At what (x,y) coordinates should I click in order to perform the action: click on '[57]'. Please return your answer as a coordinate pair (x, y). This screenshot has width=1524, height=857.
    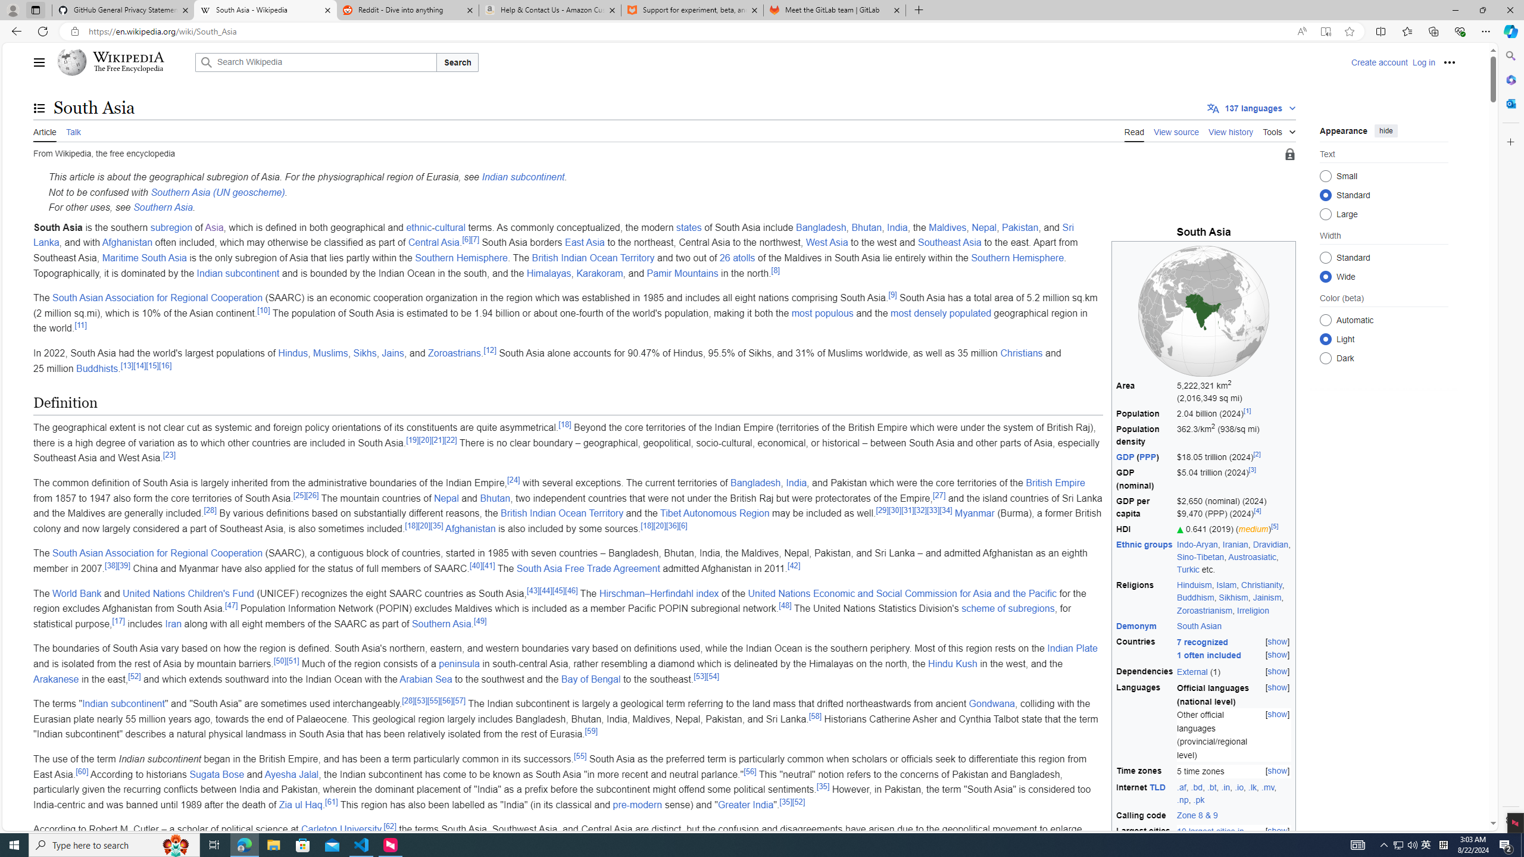
    Looking at the image, I should click on (458, 700).